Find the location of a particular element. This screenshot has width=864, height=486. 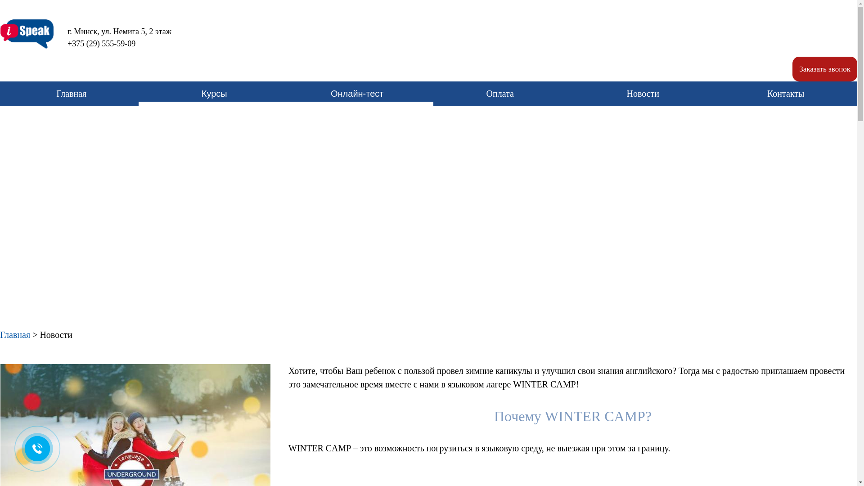

'+375 (29) 555-59-09' is located at coordinates (94, 44).